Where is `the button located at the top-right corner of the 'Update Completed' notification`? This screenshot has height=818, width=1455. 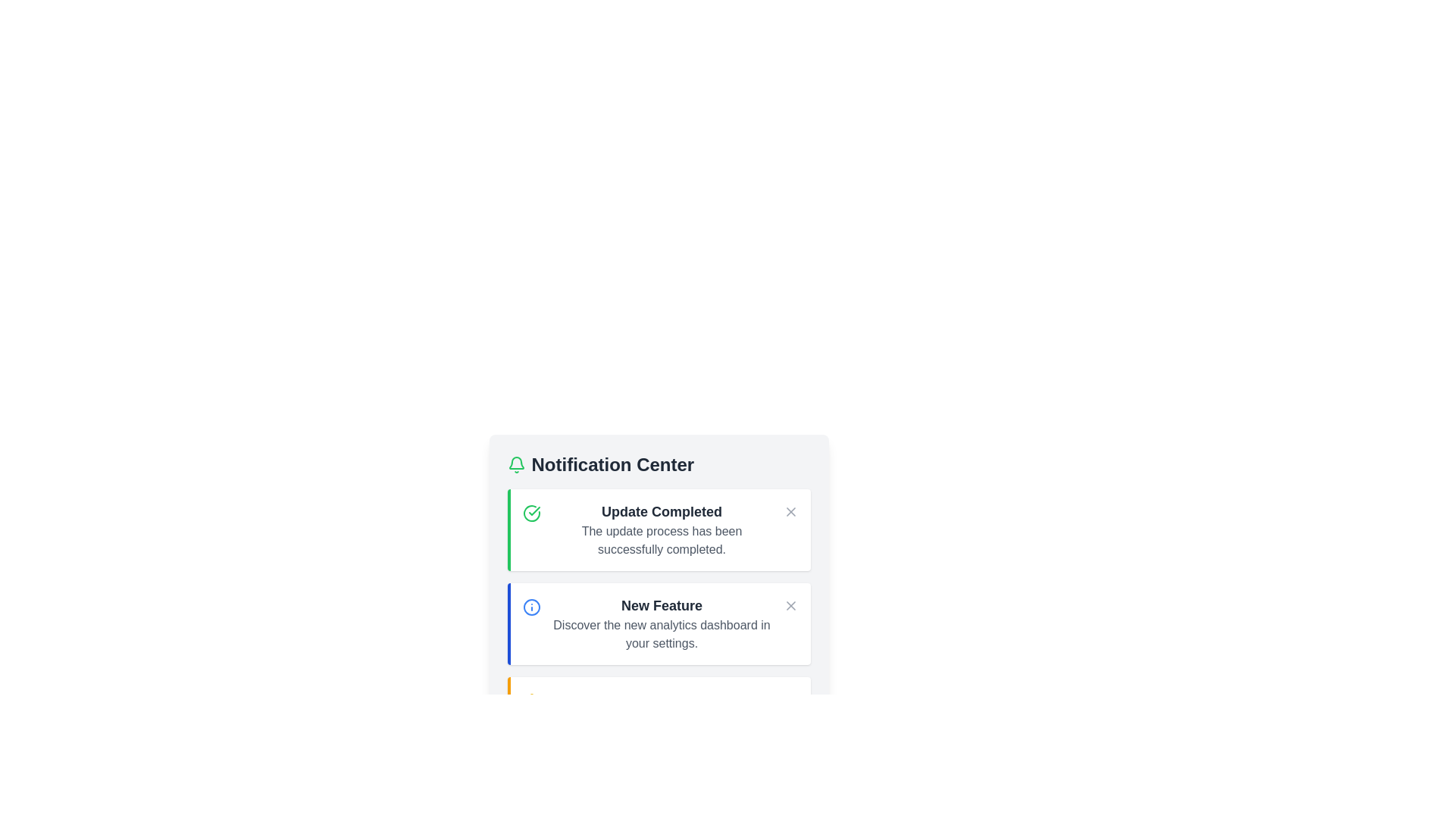 the button located at the top-right corner of the 'Update Completed' notification is located at coordinates (790, 511).